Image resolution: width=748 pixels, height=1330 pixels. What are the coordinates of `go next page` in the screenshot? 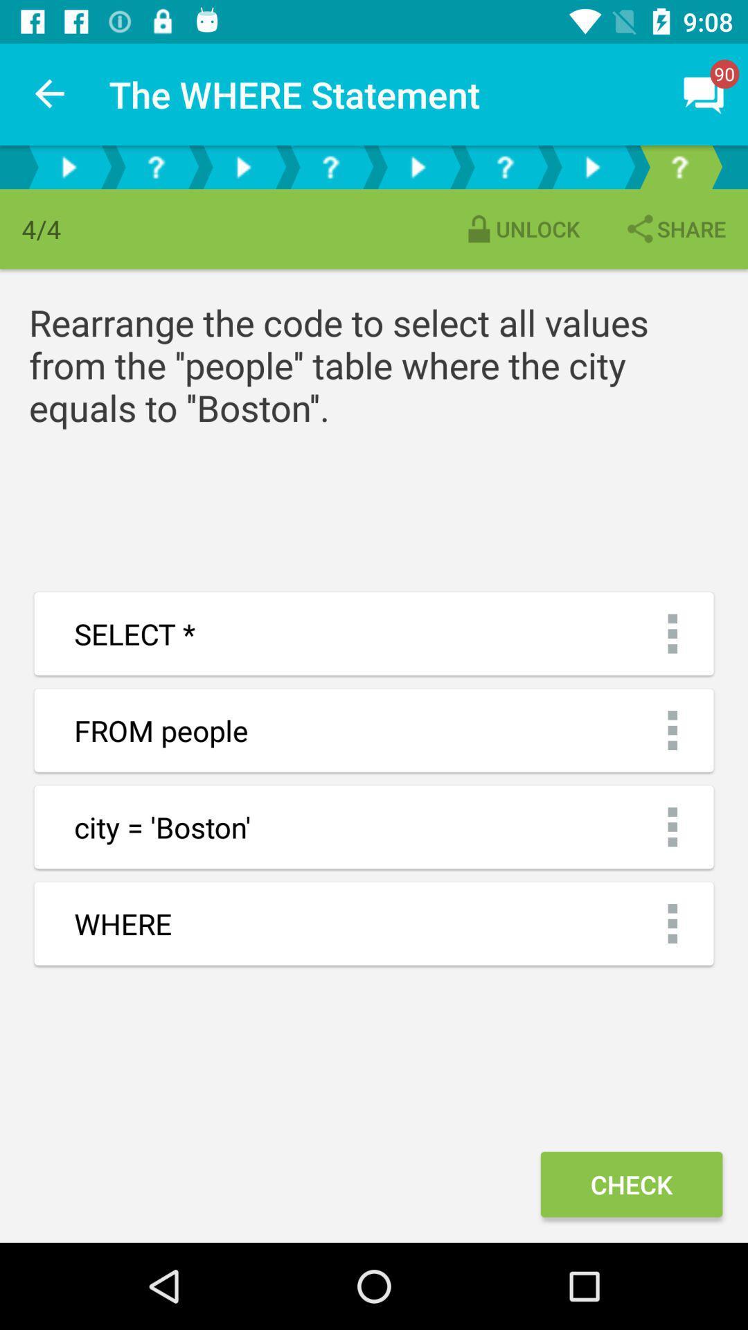 It's located at (592, 166).